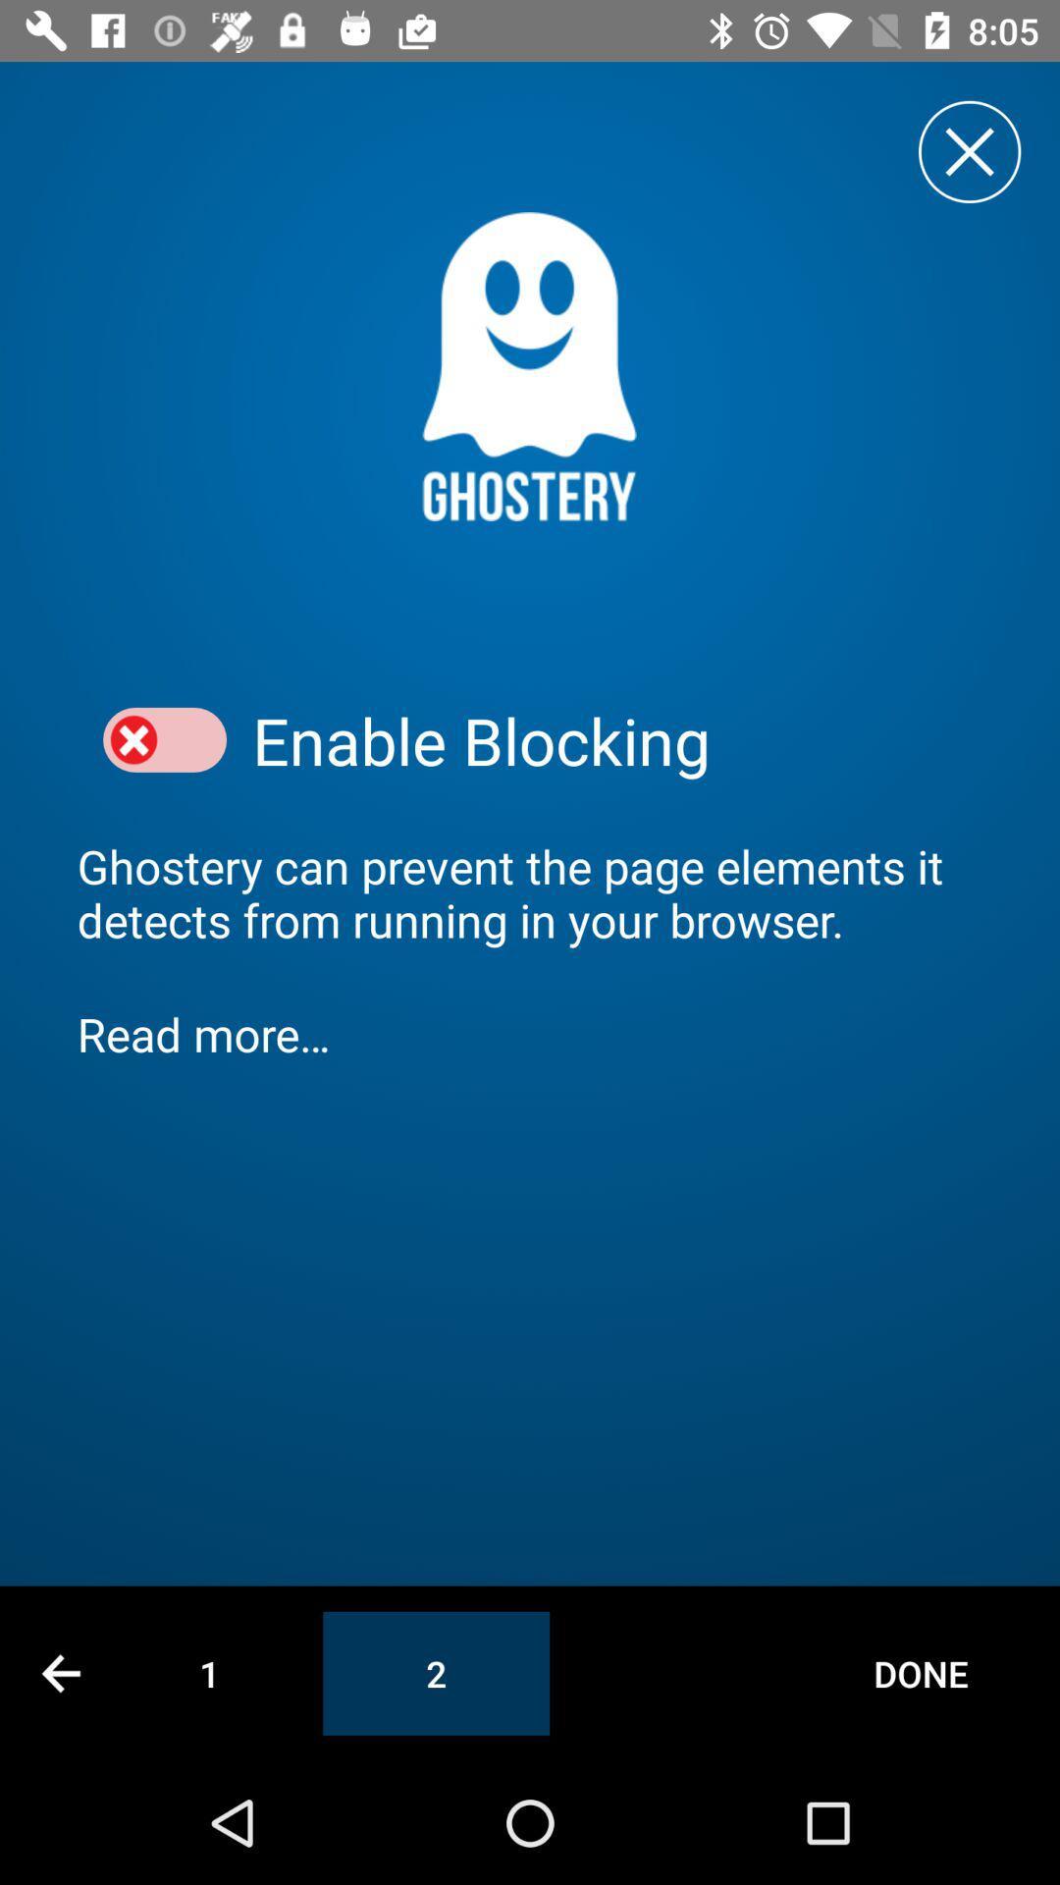 The height and width of the screenshot is (1885, 1060). What do you see at coordinates (60, 1672) in the screenshot?
I see `press to go back to previous page` at bounding box center [60, 1672].